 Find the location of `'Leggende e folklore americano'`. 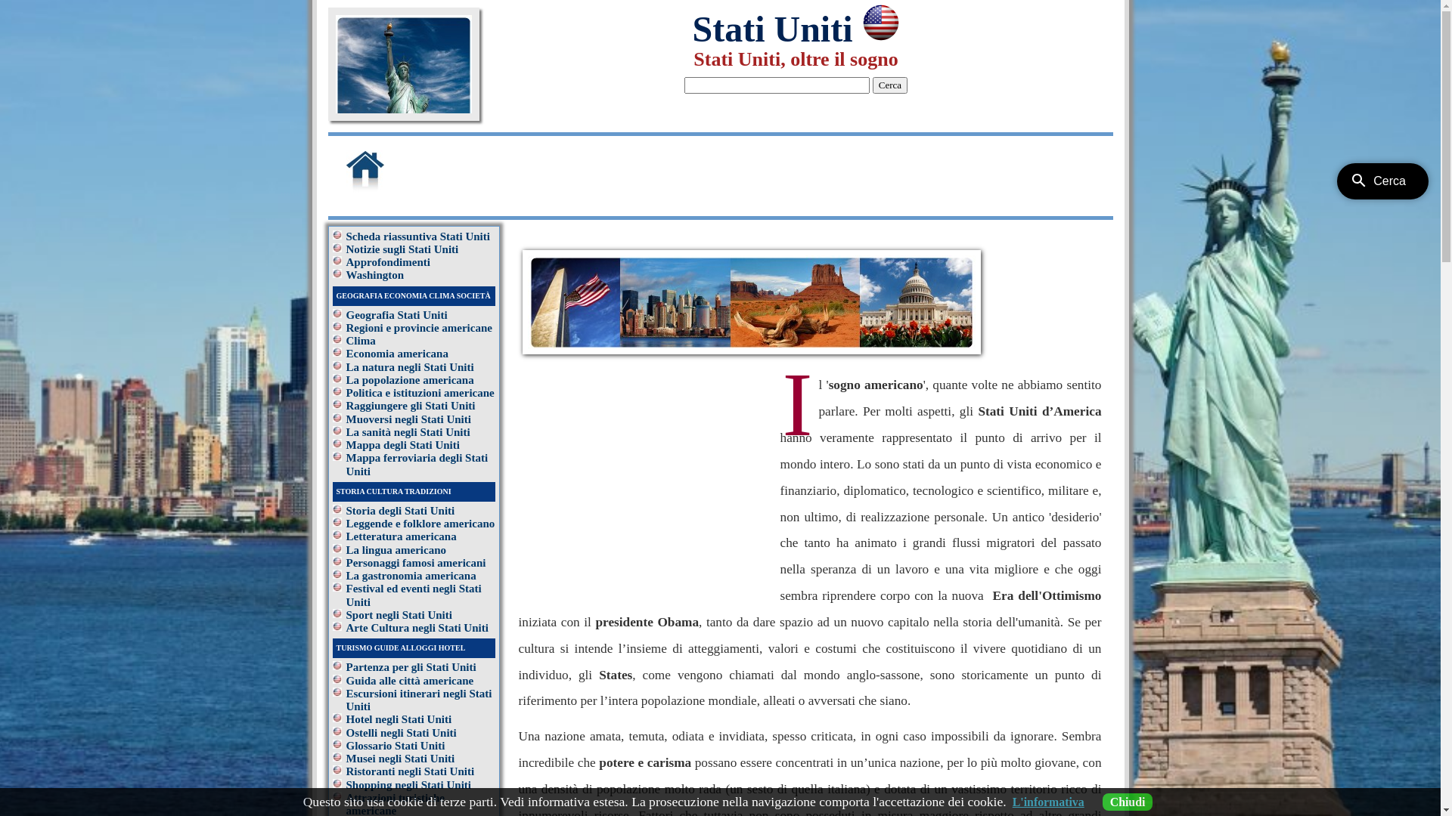

'Leggende e folklore americano' is located at coordinates (420, 523).